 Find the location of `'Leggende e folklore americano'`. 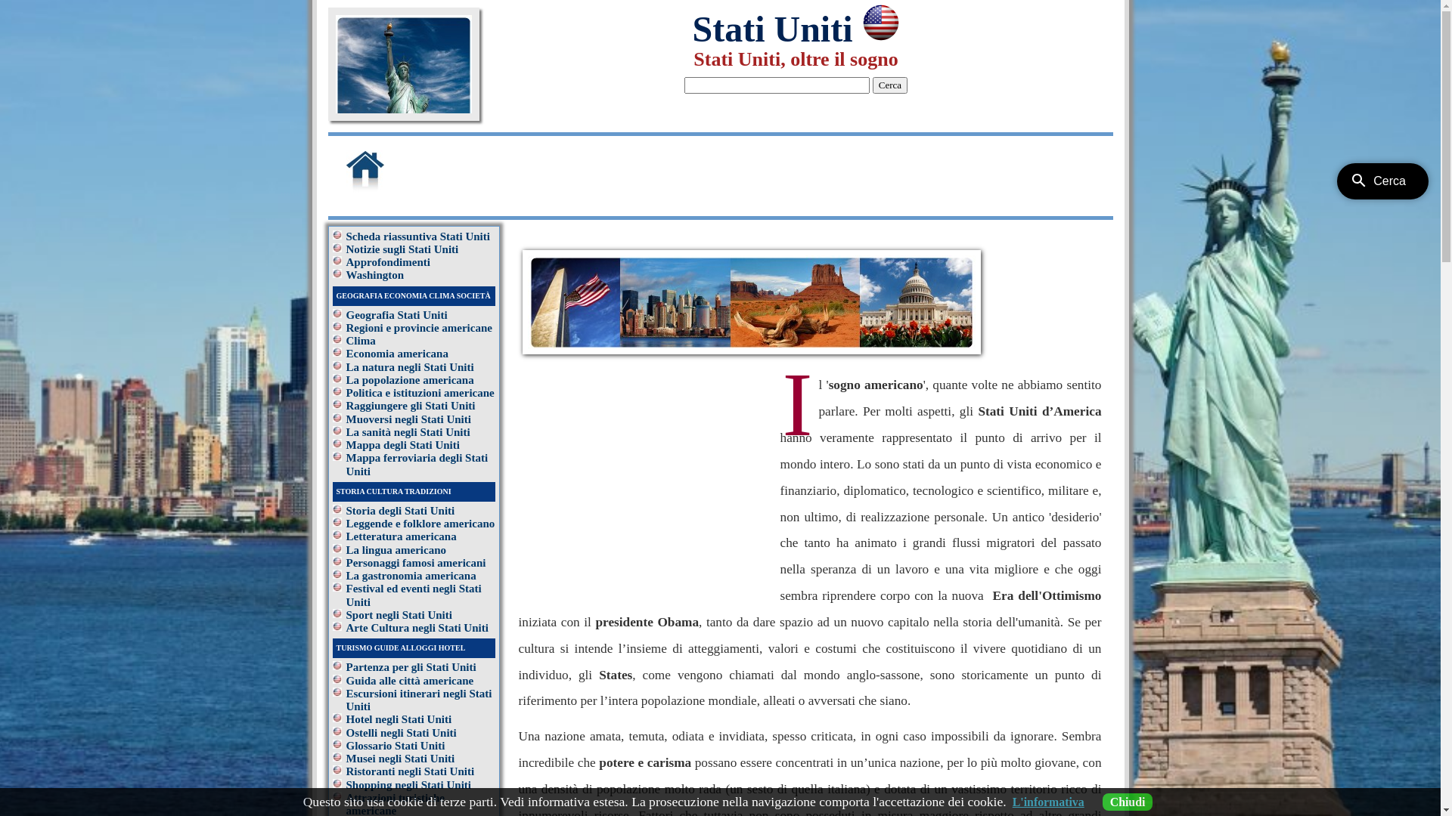

'Leggende e folklore americano' is located at coordinates (420, 523).